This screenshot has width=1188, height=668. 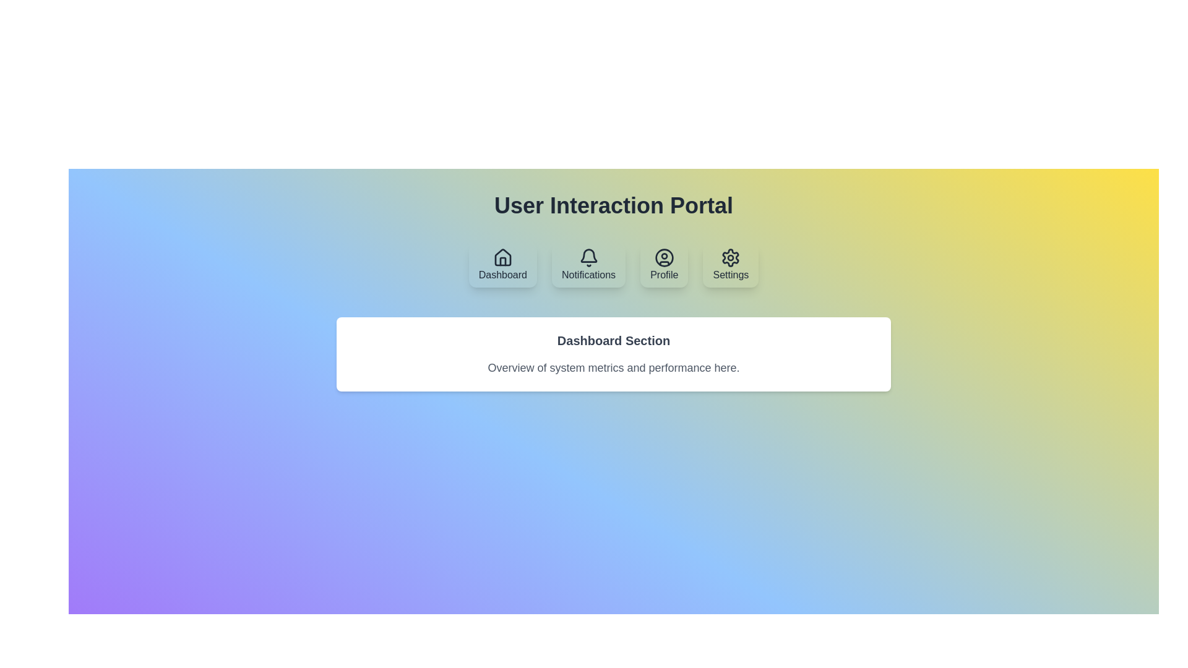 I want to click on the Settings tab by clicking on its button, so click(x=731, y=264).